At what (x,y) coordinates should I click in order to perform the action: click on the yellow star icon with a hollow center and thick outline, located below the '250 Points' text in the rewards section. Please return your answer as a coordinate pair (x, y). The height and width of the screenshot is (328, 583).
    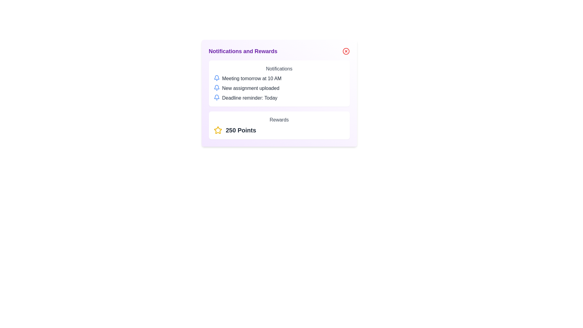
    Looking at the image, I should click on (218, 130).